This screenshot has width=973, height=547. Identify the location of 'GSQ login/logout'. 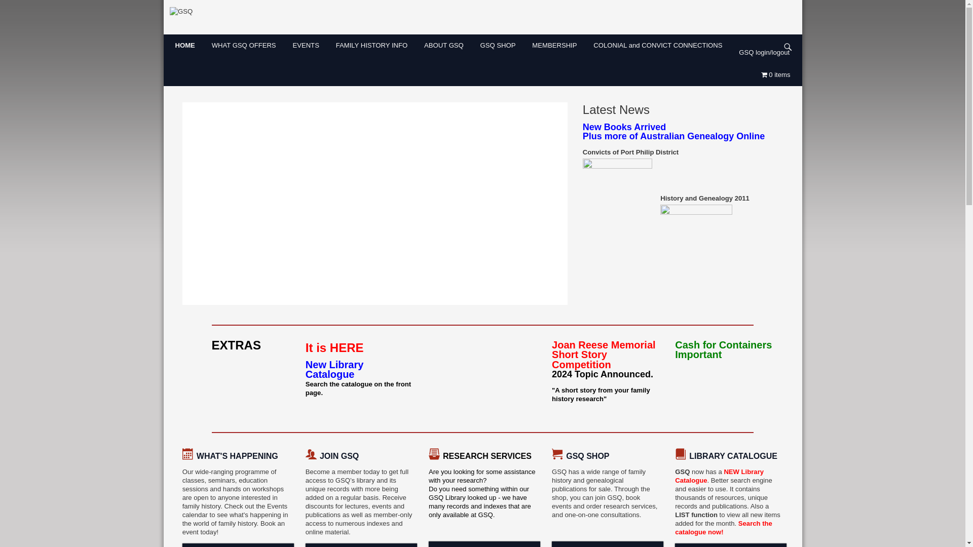
(767, 52).